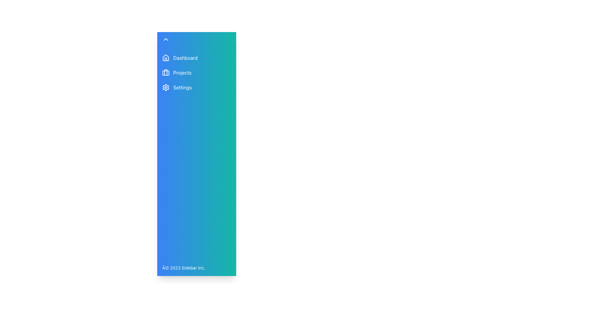 Image resolution: width=592 pixels, height=333 pixels. What do you see at coordinates (166, 72) in the screenshot?
I see `the 'Projects' icon in the sidebar menu, which is located directly to the left of the 'Projects' text and is the second icon in the list of sidebar options` at bounding box center [166, 72].